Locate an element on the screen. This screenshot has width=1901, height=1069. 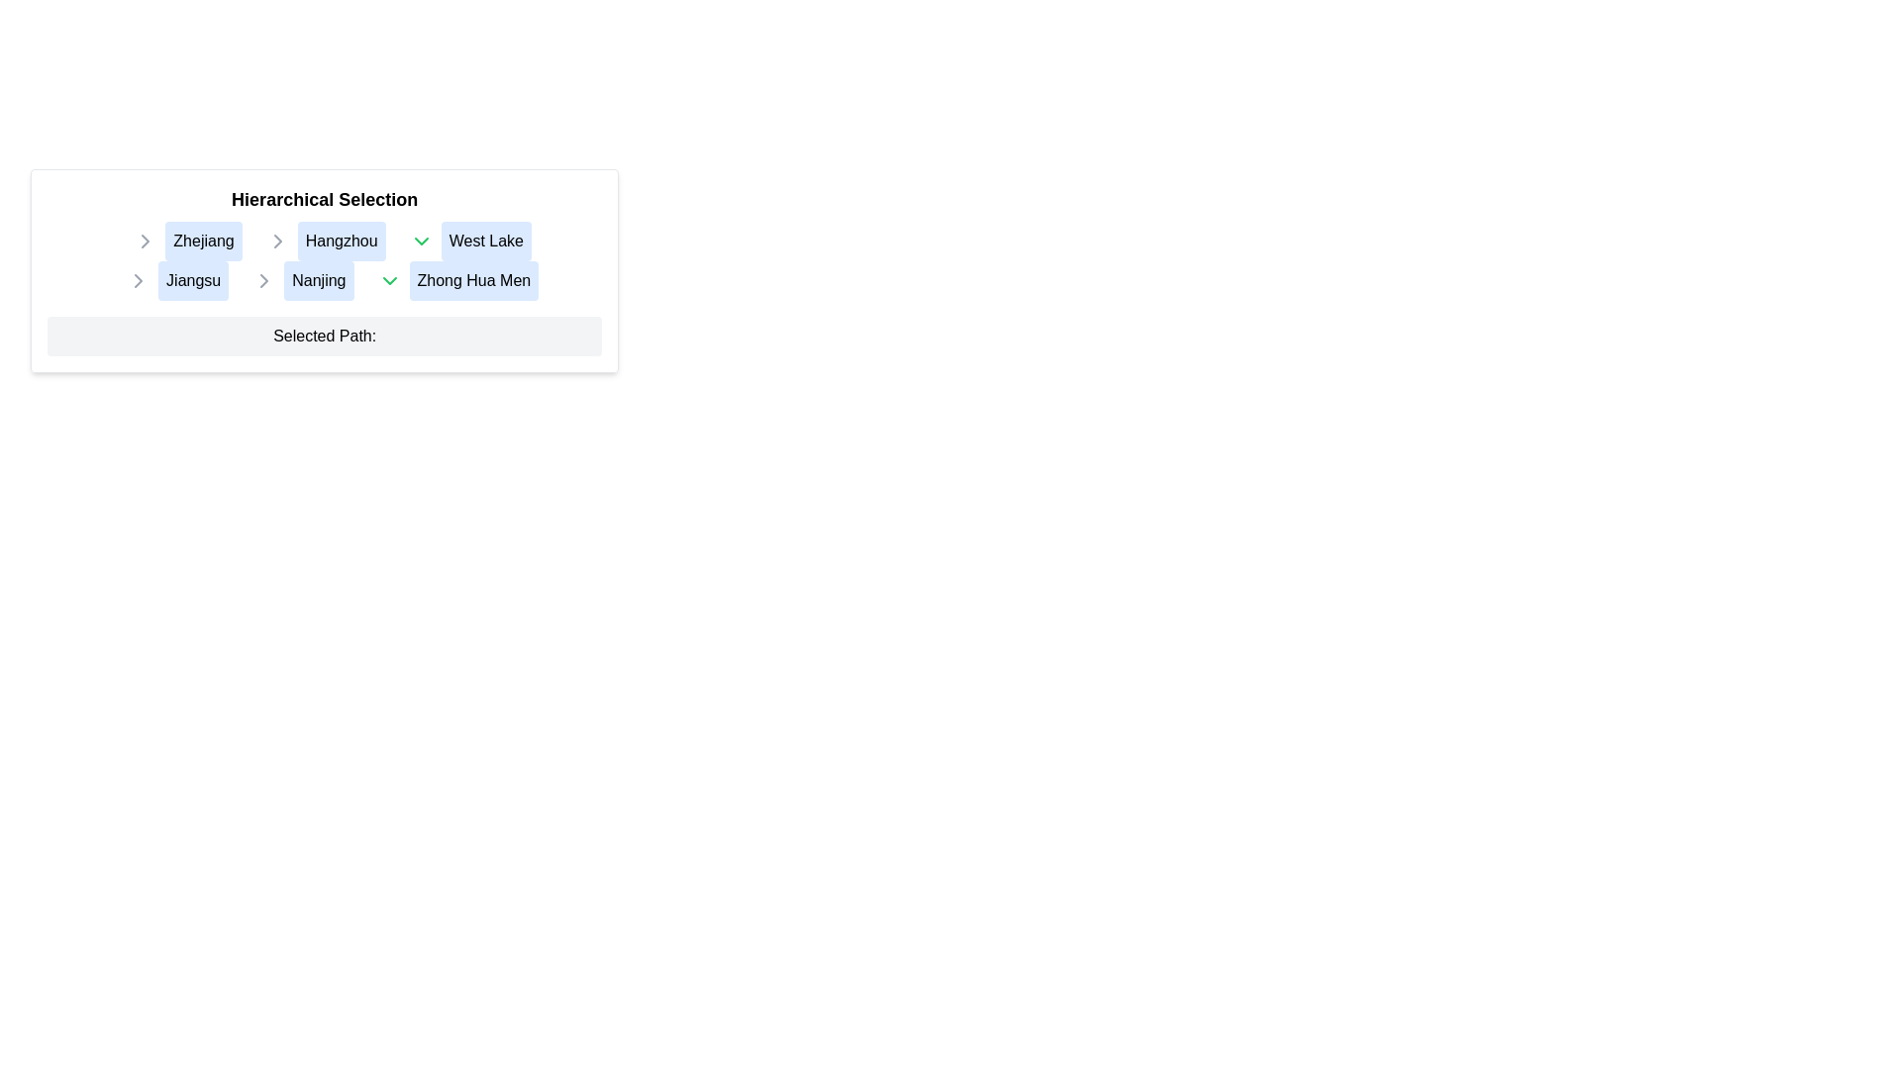
the button representing the location 'Zhong Hua Men' within the 'Jiangsu -> Nanjing' hierarchical menu is located at coordinates (472, 281).